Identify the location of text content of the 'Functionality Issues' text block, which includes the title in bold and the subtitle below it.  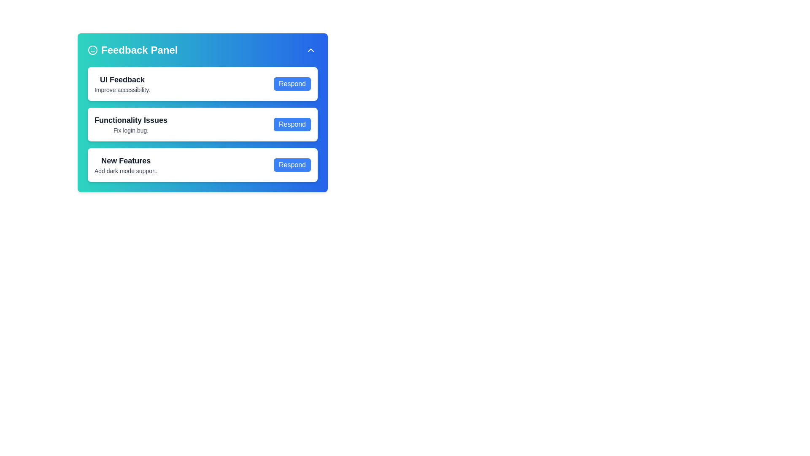
(130, 124).